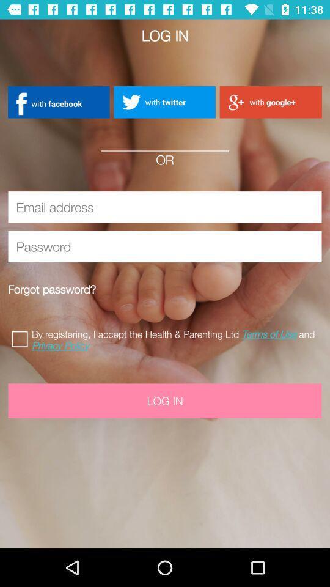 This screenshot has width=330, height=587. Describe the element at coordinates (165, 207) in the screenshot. I see `insert email` at that location.